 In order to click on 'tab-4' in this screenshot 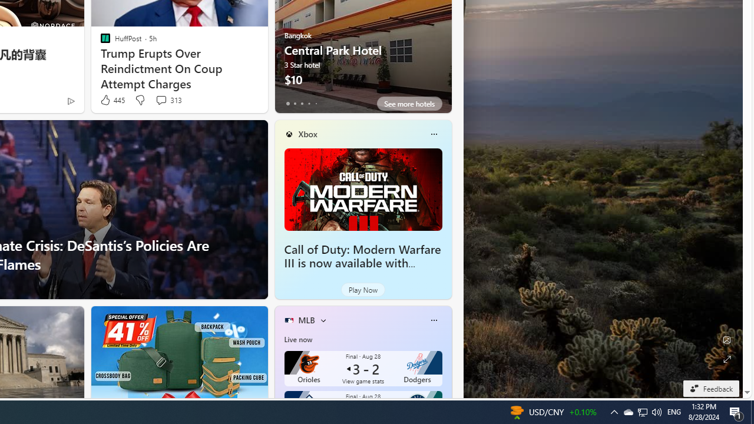, I will do `click(316, 103)`.